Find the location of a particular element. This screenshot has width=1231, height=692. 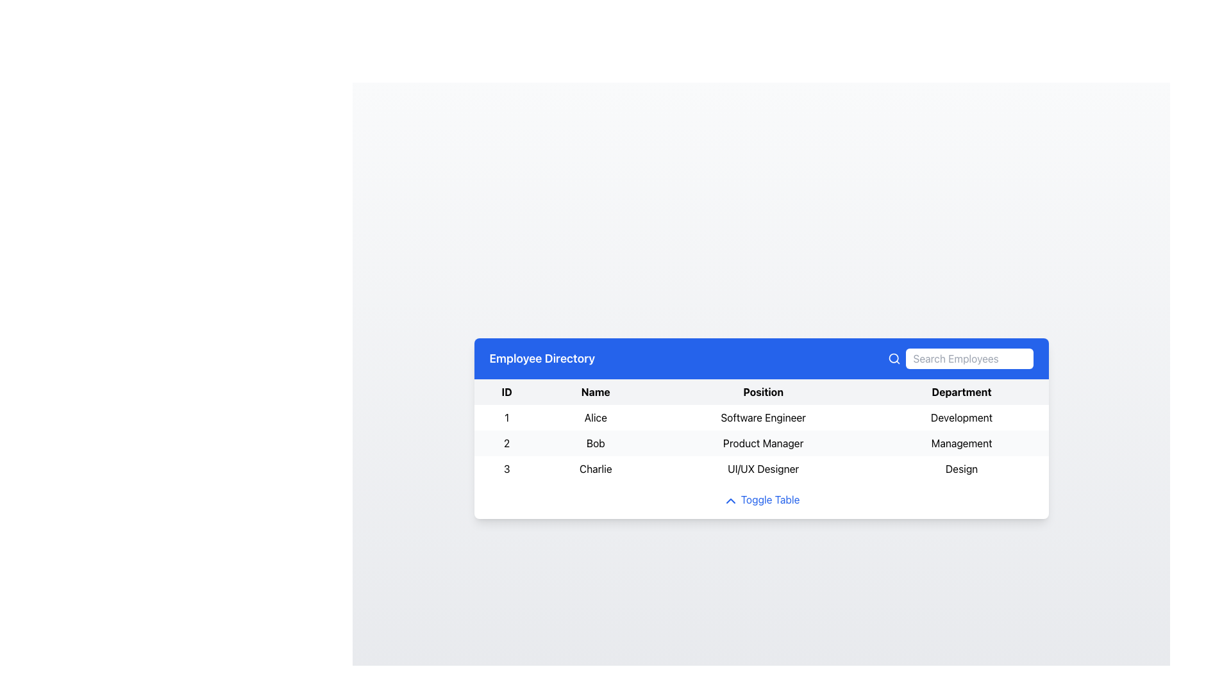

the number '1' in the first cell of the first row under the 'ID' column of the data table is located at coordinates (506, 418).